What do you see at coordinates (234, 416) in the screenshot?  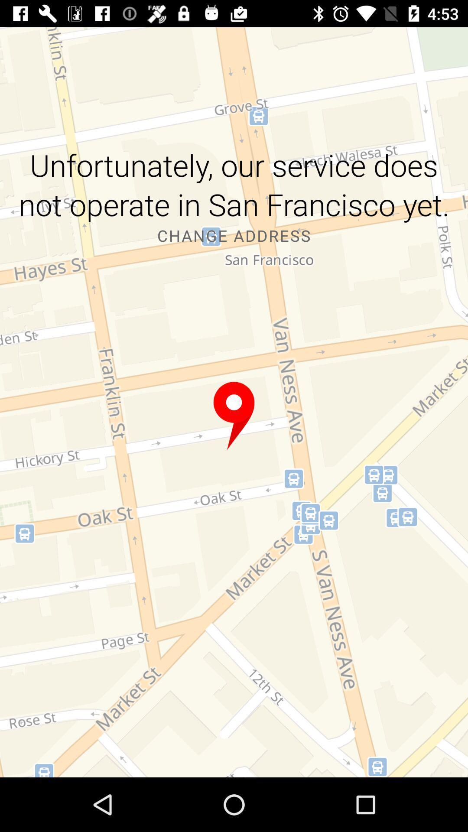 I see `get more information about the marker` at bounding box center [234, 416].